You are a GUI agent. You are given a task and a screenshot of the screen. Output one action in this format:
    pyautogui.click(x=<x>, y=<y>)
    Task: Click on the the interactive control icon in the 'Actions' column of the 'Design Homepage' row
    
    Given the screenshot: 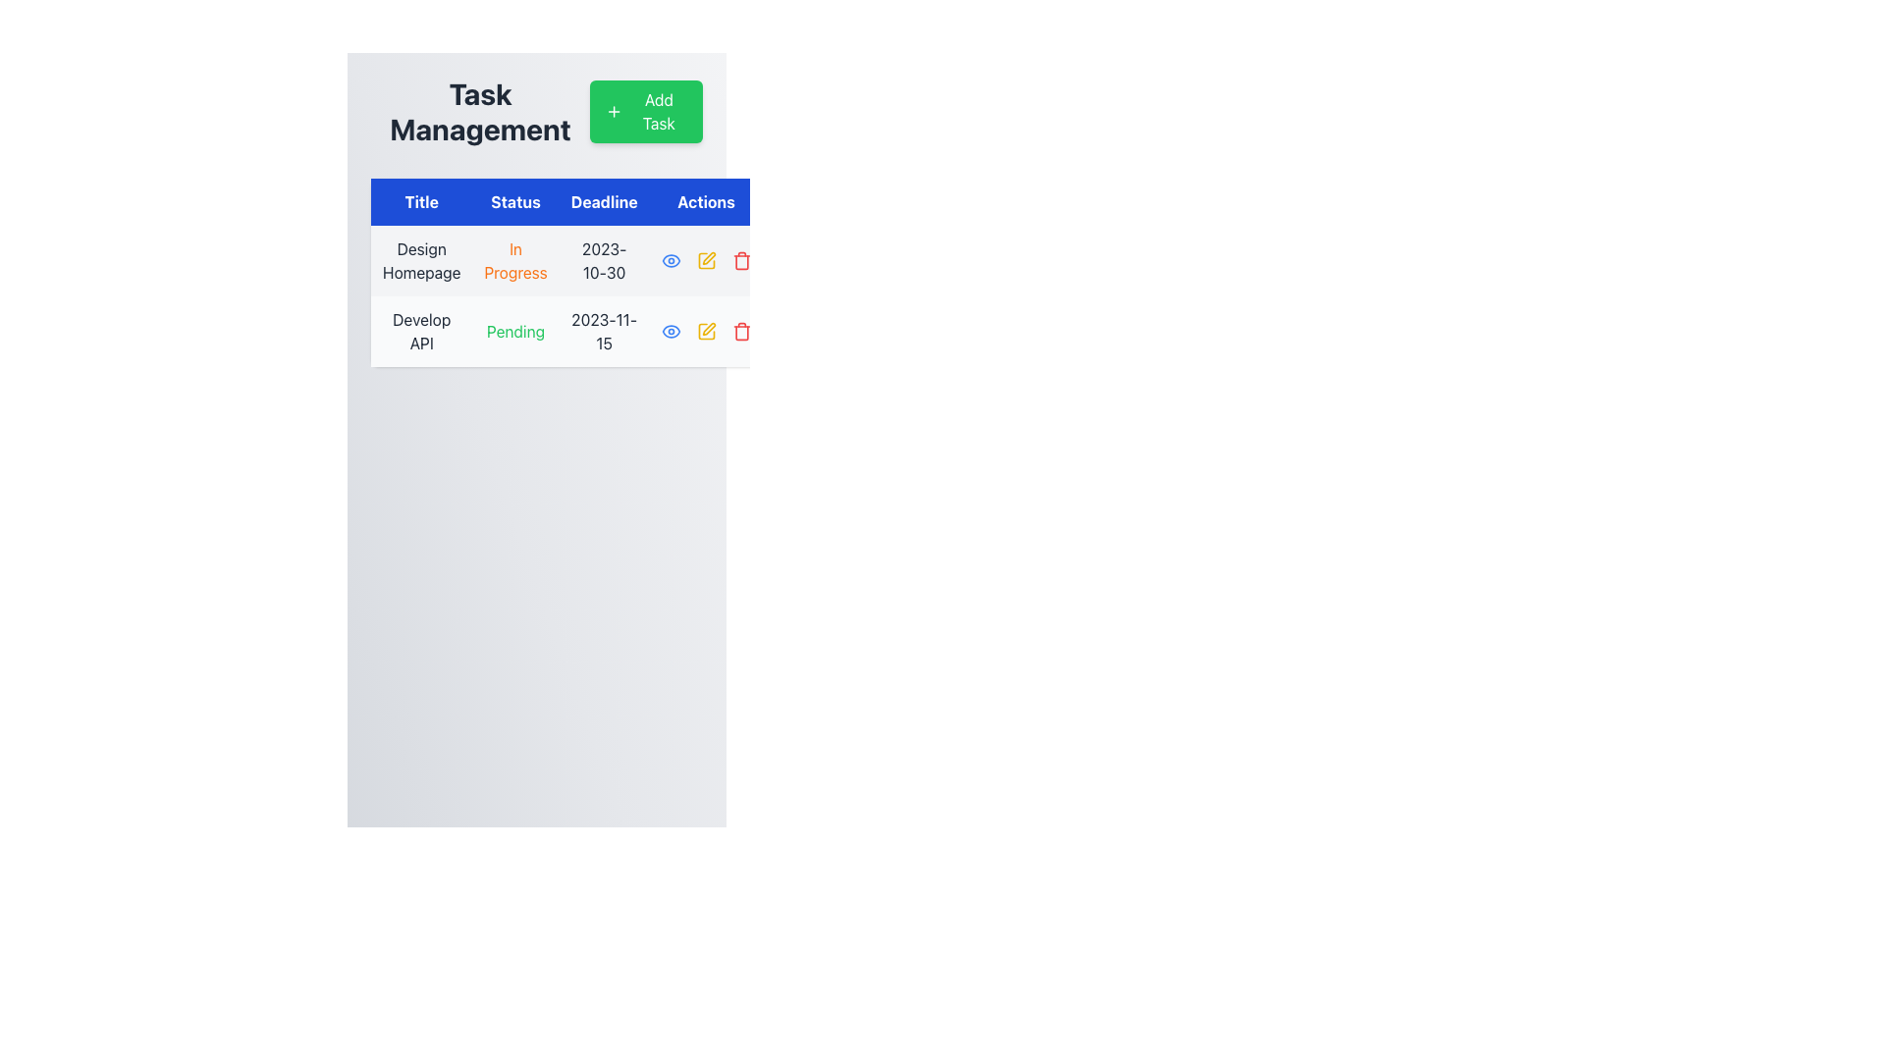 What is the action you would take?
    pyautogui.click(x=671, y=331)
    